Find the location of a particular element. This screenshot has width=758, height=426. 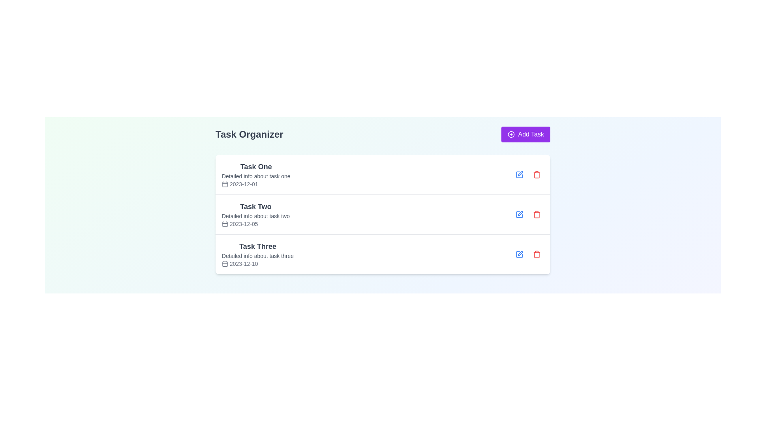

the first task item in the 'Task Organizer' list, which displays the task details including title, description, and due date is located at coordinates (383, 174).